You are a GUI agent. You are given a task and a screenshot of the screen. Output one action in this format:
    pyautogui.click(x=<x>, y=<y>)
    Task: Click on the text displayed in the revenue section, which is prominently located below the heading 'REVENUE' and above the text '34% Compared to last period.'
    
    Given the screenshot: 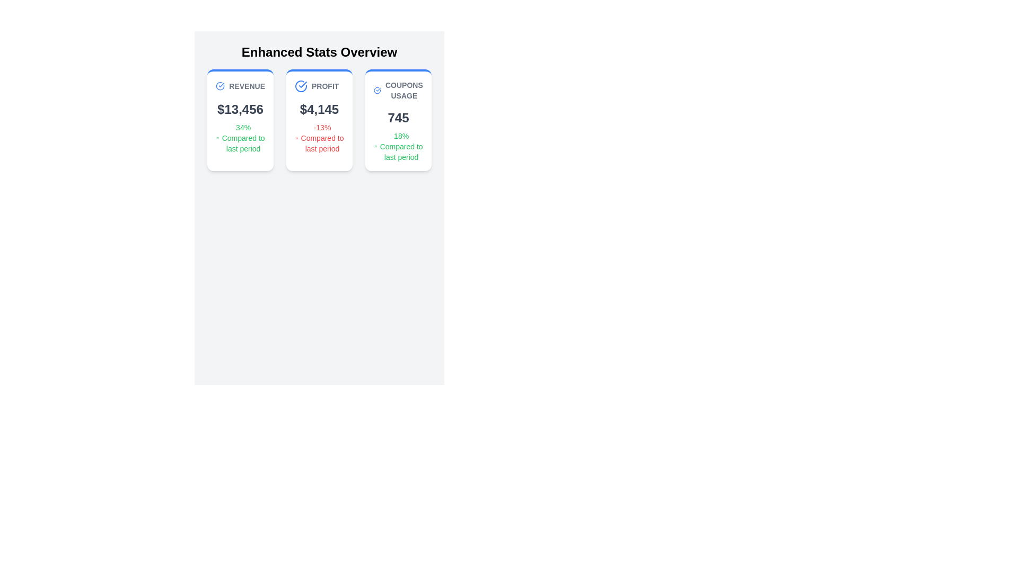 What is the action you would take?
    pyautogui.click(x=240, y=110)
    